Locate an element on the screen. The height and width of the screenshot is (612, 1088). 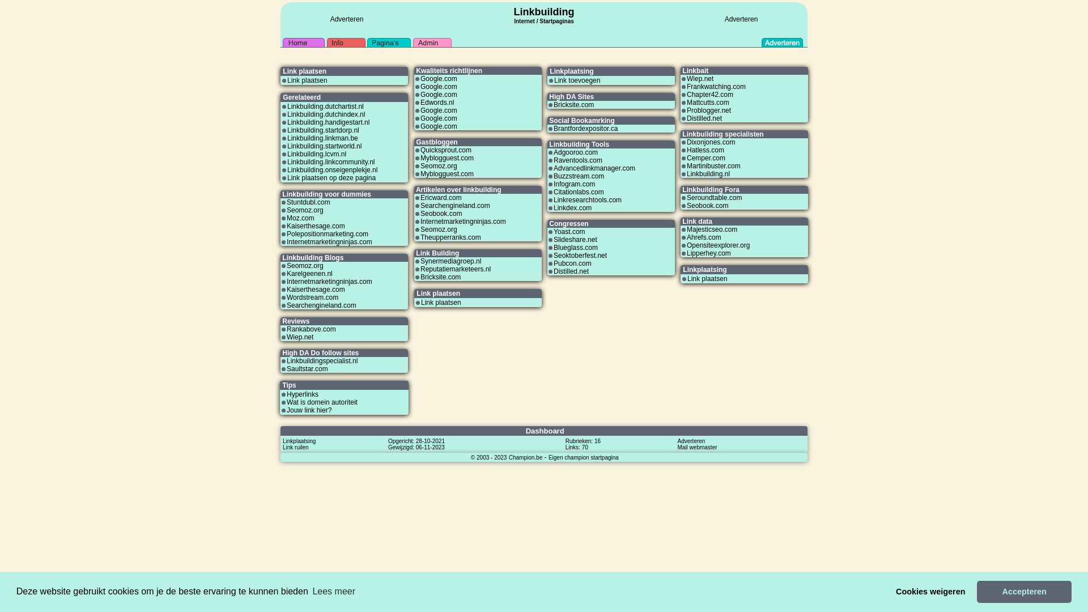
'Linkbuilding.nl' is located at coordinates (707, 174).